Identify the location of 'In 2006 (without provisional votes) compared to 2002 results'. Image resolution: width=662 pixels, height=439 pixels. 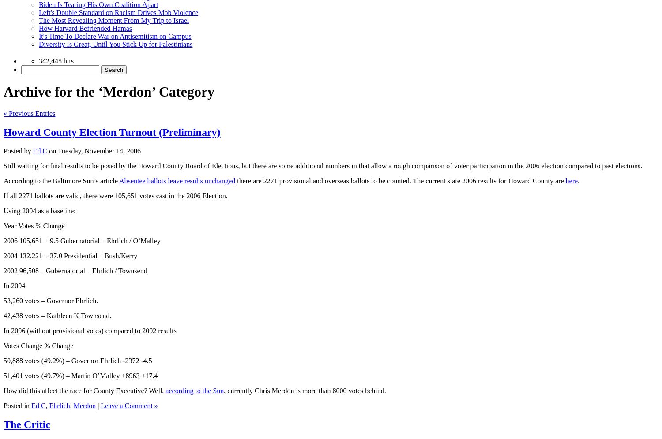
(3, 330).